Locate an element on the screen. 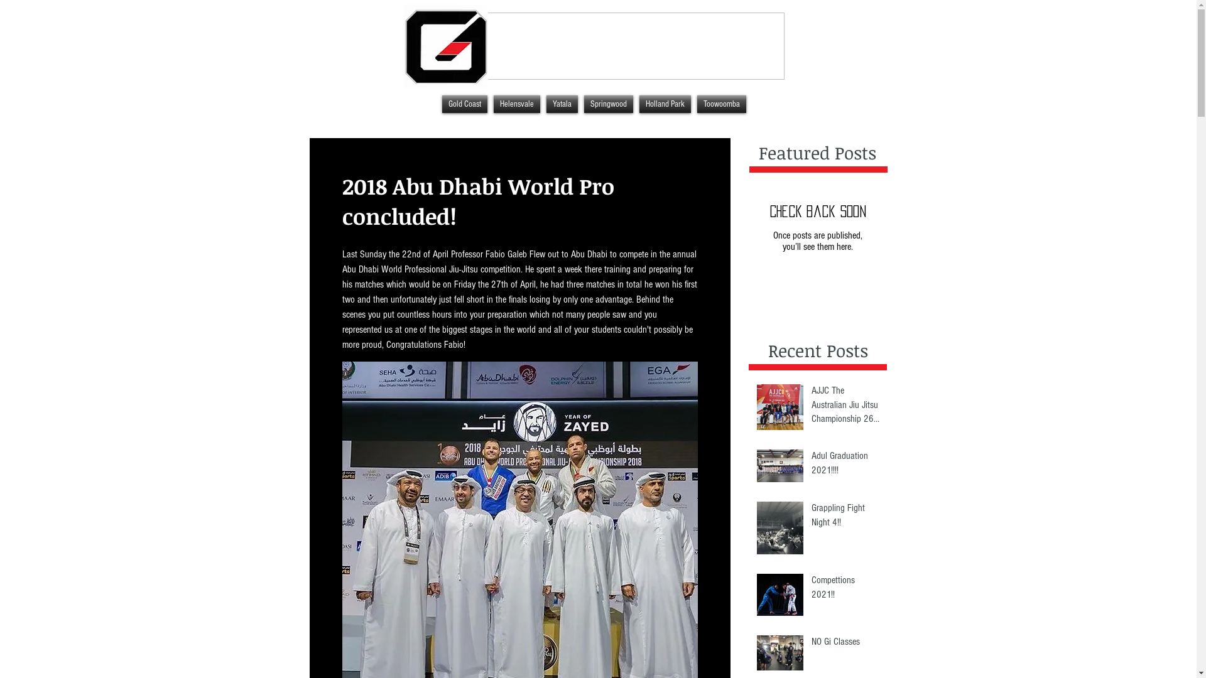 The width and height of the screenshot is (1206, 678). 'Helensvale' is located at coordinates (516, 103).